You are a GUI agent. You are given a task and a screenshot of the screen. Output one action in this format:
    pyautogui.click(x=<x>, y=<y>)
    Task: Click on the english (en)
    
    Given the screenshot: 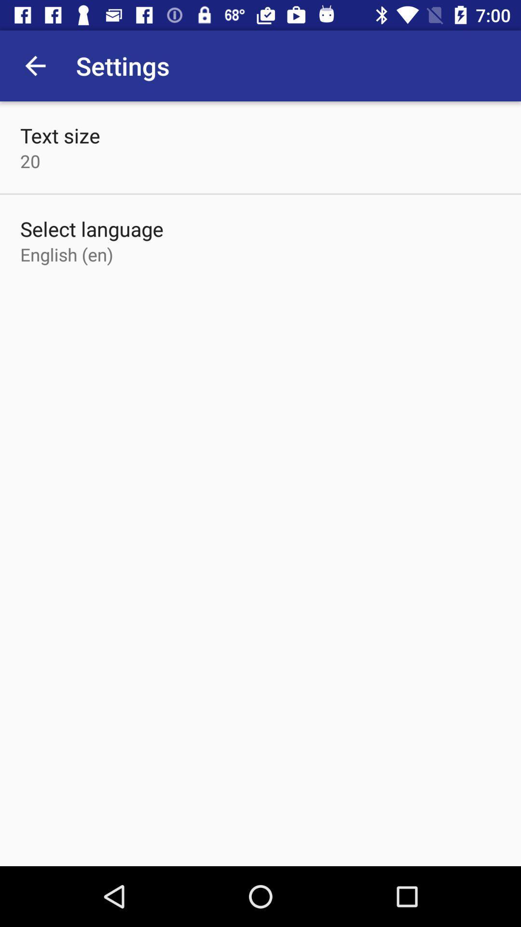 What is the action you would take?
    pyautogui.click(x=66, y=254)
    